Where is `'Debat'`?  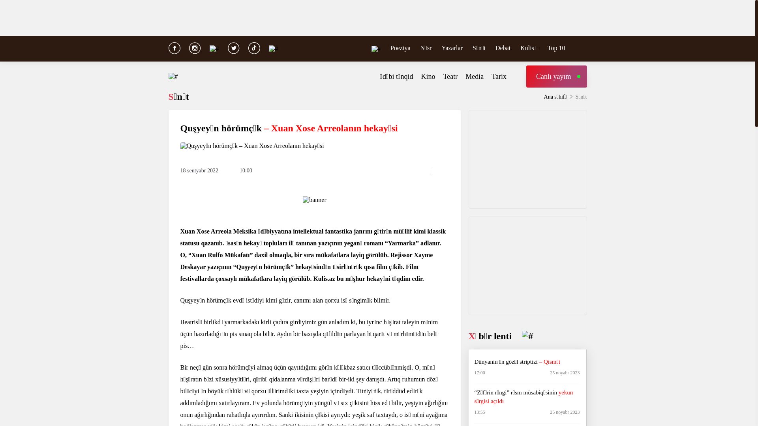 'Debat' is located at coordinates (502, 47).